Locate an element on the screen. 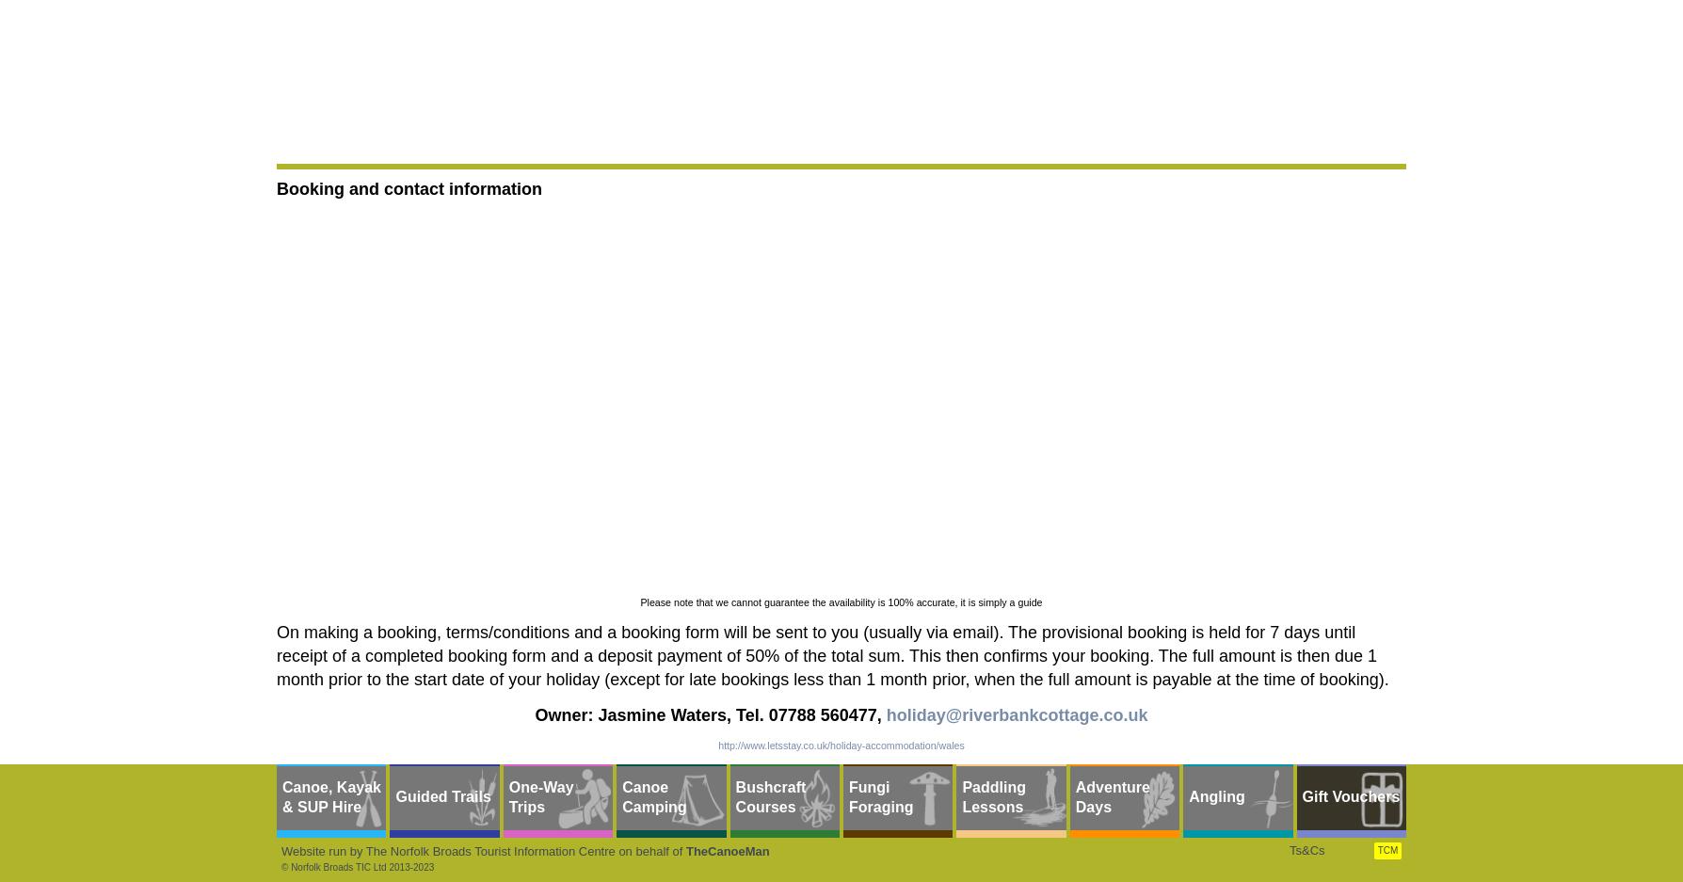 The width and height of the screenshot is (1683, 882). 'Fungi Foraging' is located at coordinates (881, 796).